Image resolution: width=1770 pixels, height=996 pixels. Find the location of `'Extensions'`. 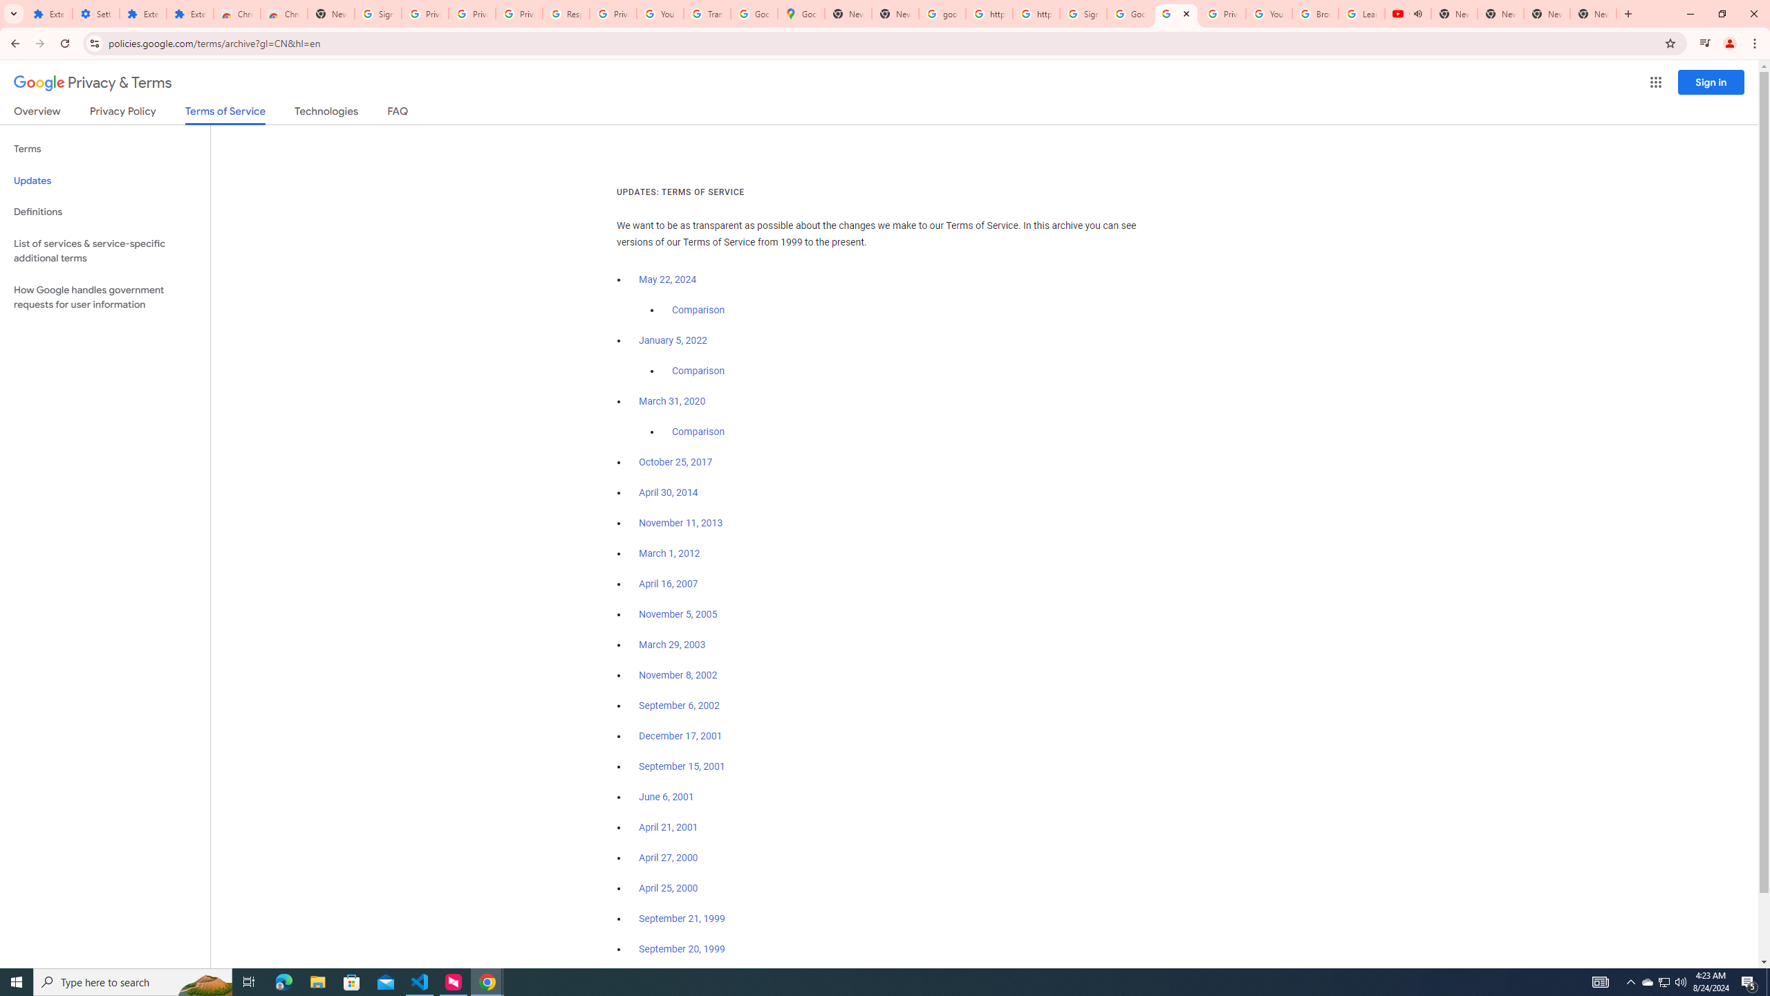

'Extensions' is located at coordinates (189, 13).